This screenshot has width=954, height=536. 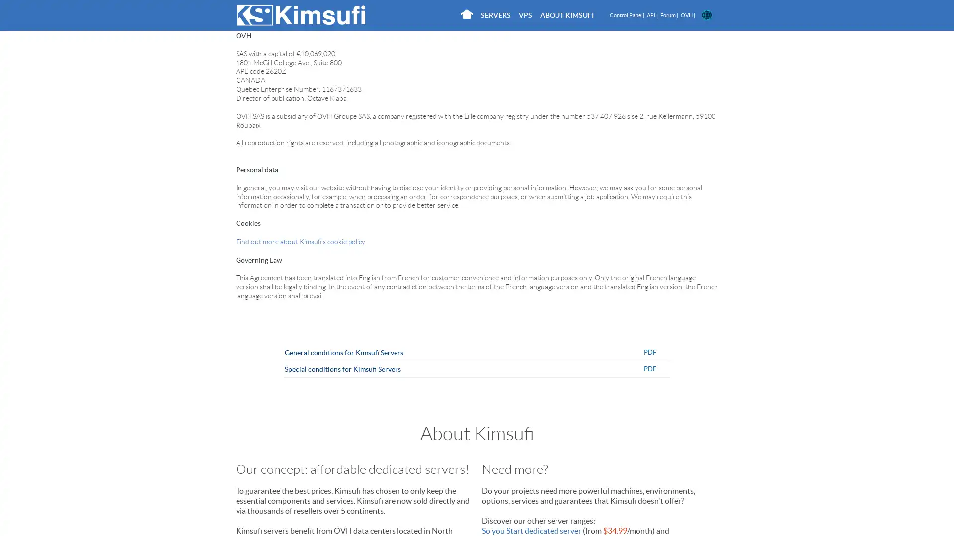 What do you see at coordinates (333, 70) in the screenshot?
I see `Continue without accepting` at bounding box center [333, 70].